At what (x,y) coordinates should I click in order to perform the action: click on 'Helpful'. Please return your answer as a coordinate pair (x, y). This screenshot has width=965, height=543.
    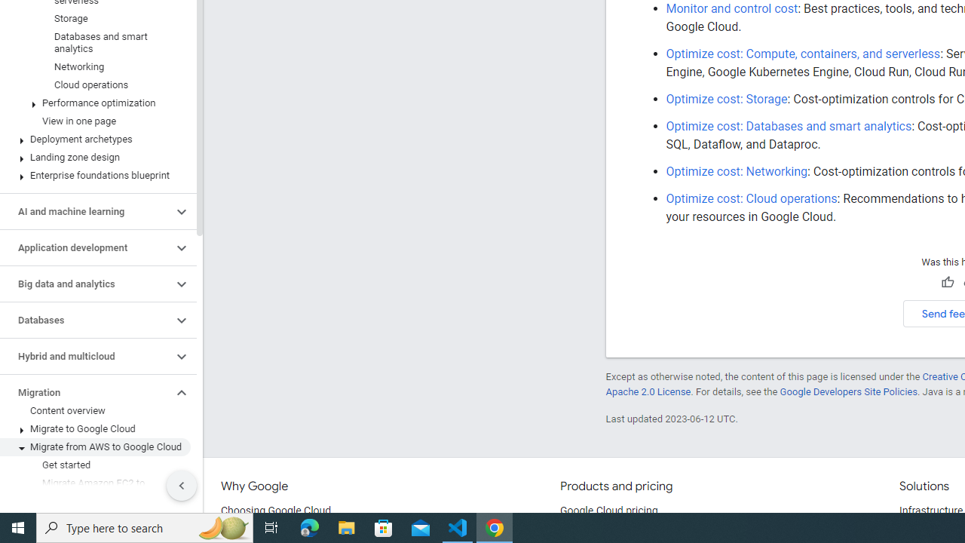
    Looking at the image, I should click on (946, 283).